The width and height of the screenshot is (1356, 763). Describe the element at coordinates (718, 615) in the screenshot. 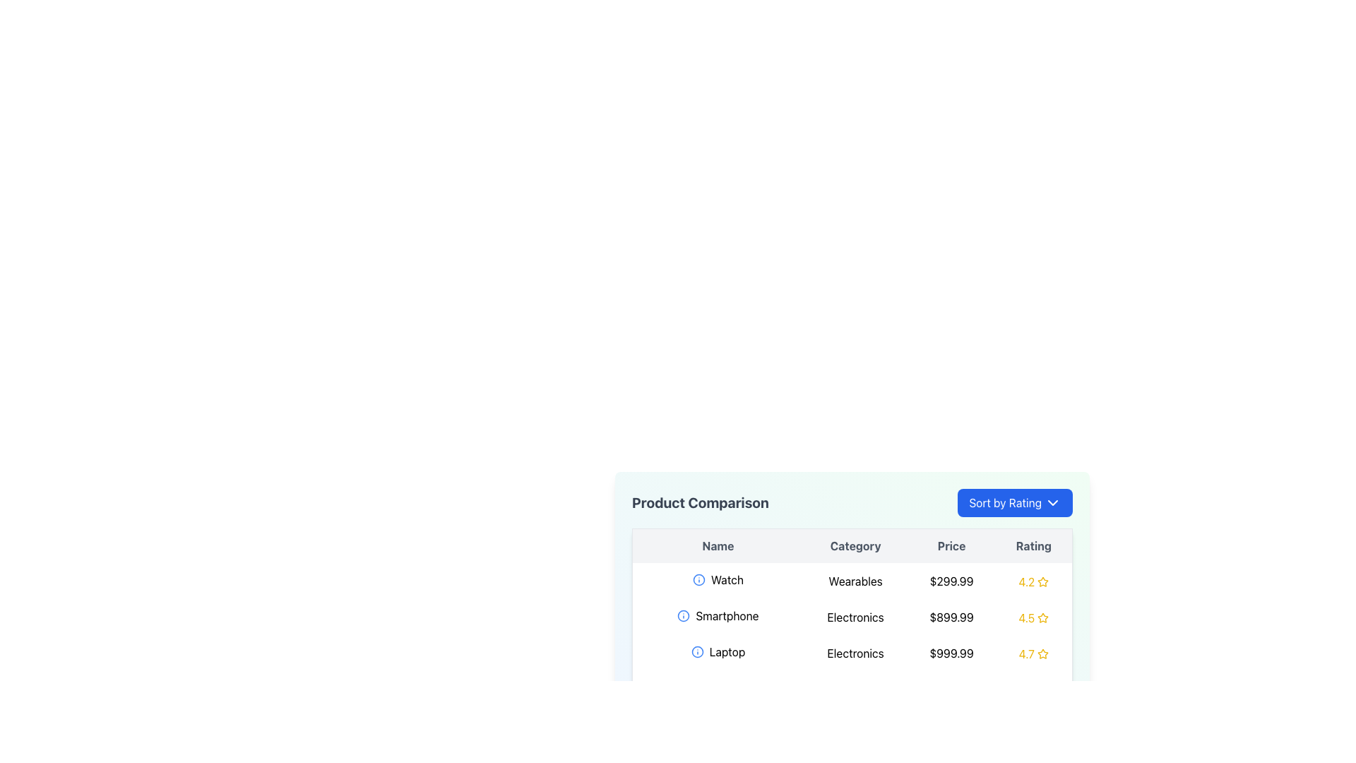

I see `the text label that contains the word 'Smartphone', which is centrally located in the second row of the table under the 'Name' column, adjacent to an informational icon on the left` at that location.